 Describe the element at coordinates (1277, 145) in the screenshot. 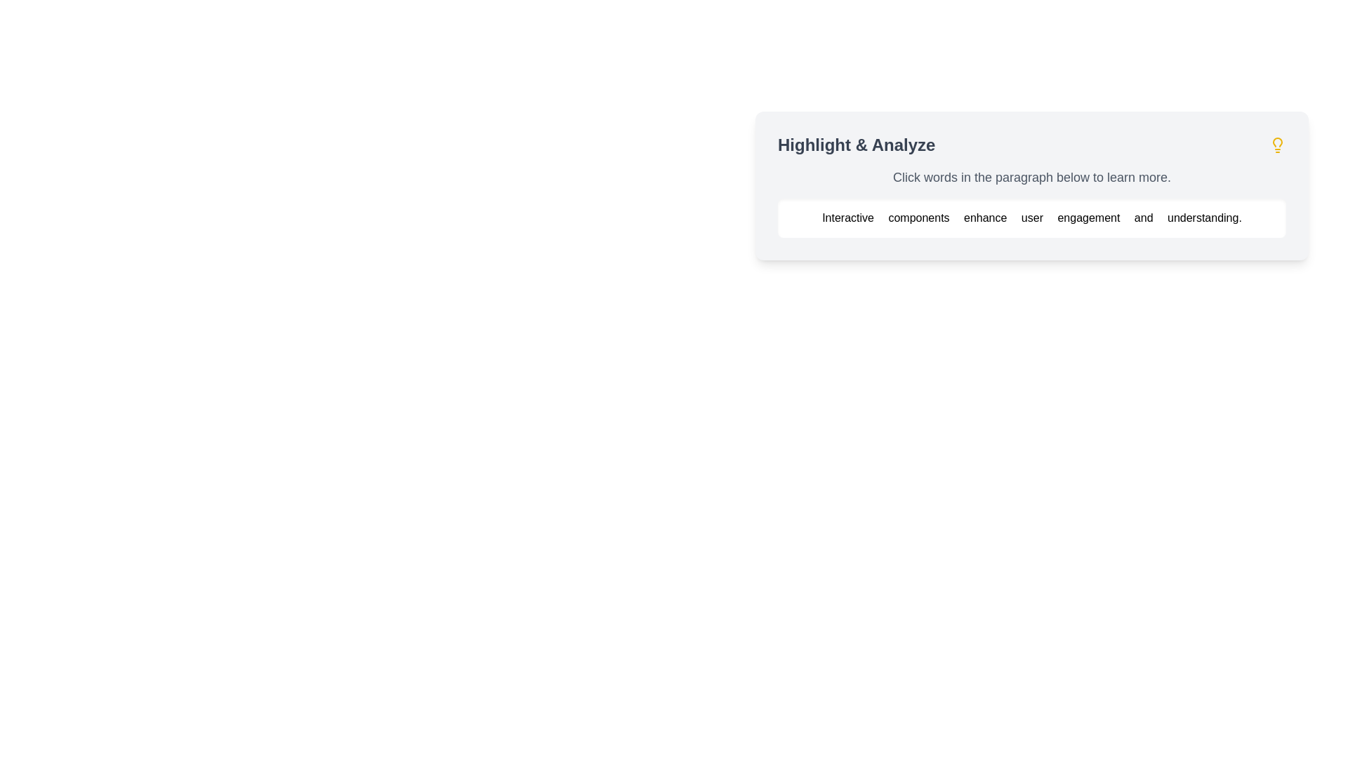

I see `the lightbulb icon in the header section labeled 'Highlight & Analyze', which symbolizes insightful information` at that location.